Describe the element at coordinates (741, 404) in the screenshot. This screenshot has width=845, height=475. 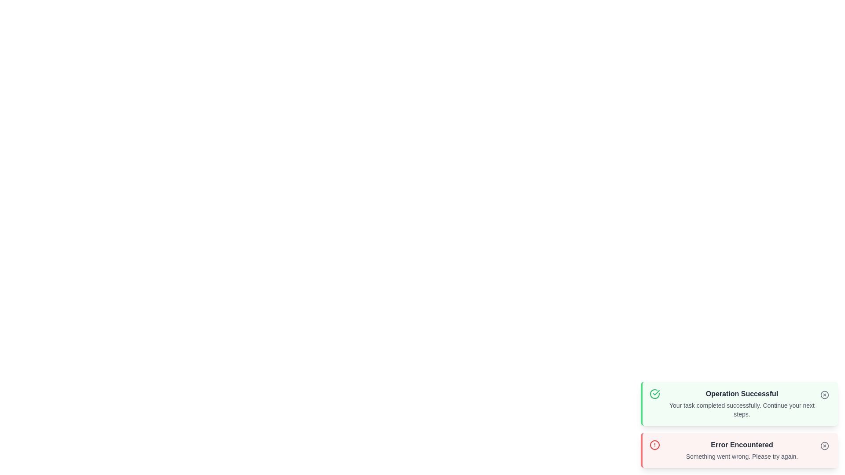
I see `text content of the notification box that displays 'Operation Successful' and 'Your task completed successfully. Continue your next steps.'` at that location.